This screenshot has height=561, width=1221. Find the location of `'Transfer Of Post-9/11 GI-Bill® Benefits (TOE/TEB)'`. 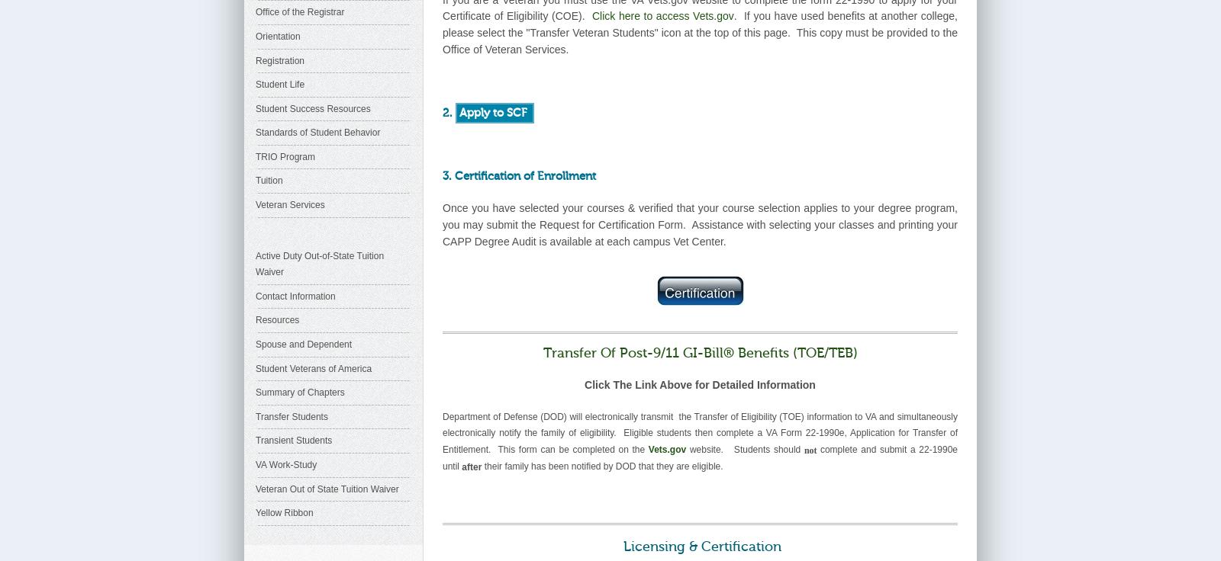

'Transfer Of Post-9/11 GI-Bill® Benefits (TOE/TEB)' is located at coordinates (698, 352).